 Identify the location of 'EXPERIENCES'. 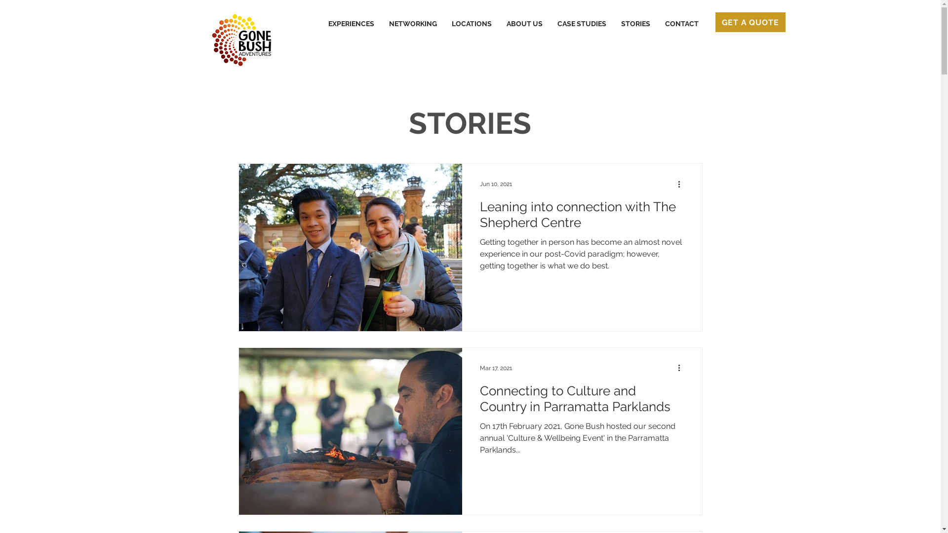
(320, 23).